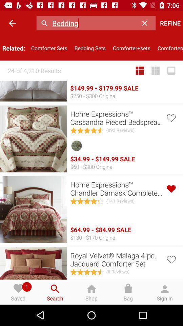 The height and width of the screenshot is (326, 183). I want to click on item to the right of the comforter sets item, so click(90, 48).